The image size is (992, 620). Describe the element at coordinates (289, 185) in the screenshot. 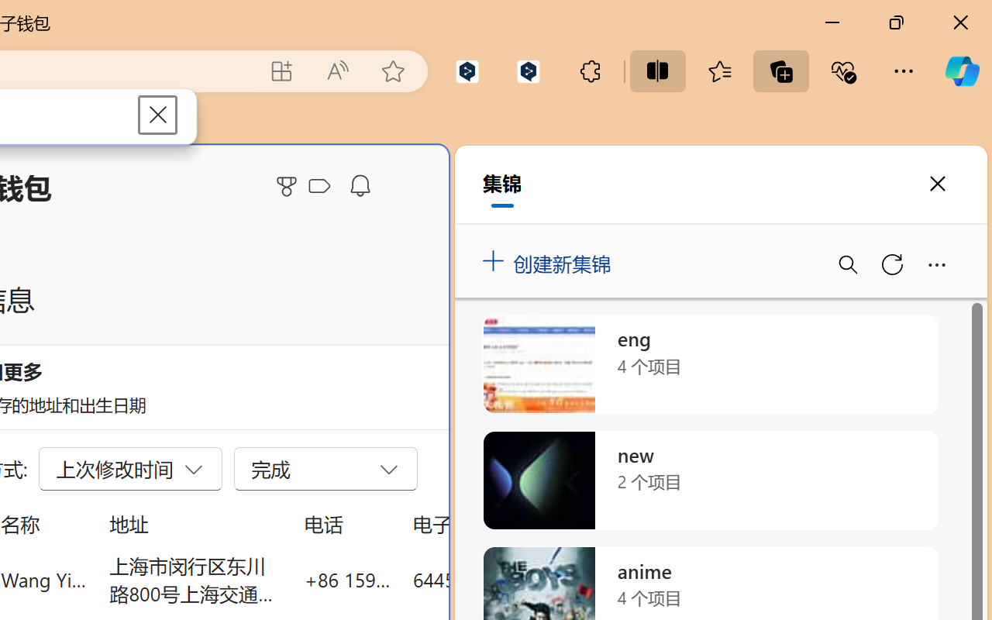

I see `'Microsoft Rewards'` at that location.